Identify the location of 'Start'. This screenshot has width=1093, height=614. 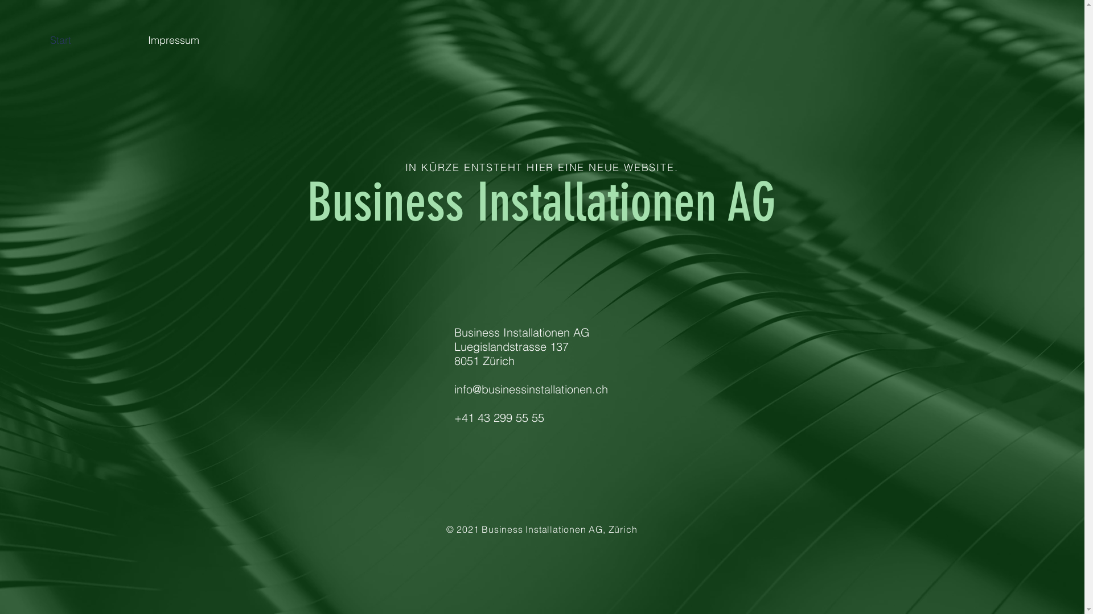
(89, 39).